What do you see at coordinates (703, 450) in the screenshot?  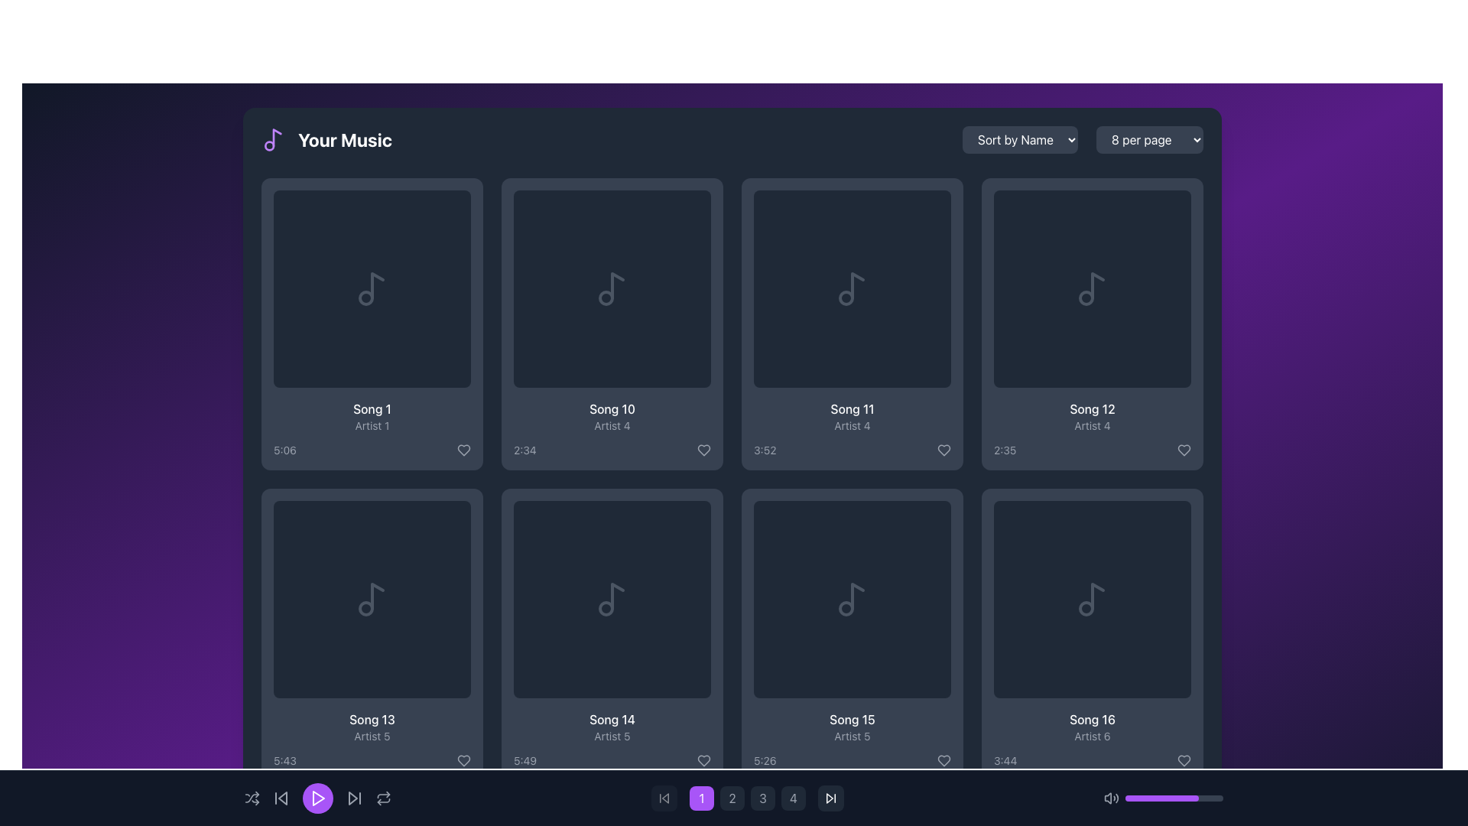 I see `the heart icon located in the bottom-right corner of the 'Song 10' card by 'Artist 4'` at bounding box center [703, 450].